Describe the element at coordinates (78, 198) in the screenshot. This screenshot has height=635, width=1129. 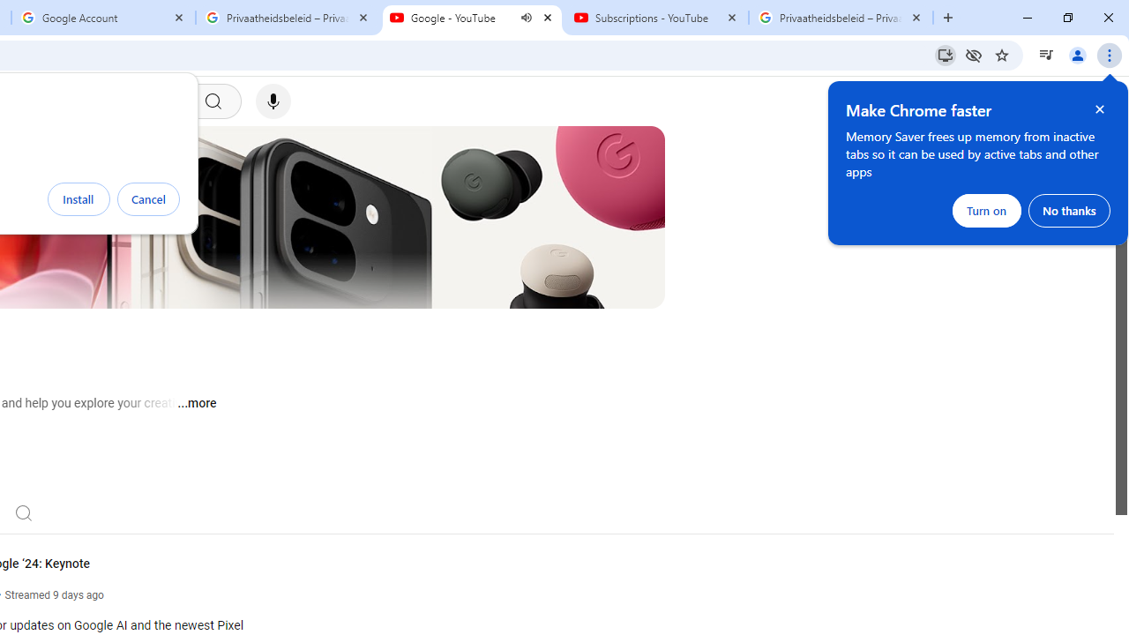
I see `'Install'` at that location.